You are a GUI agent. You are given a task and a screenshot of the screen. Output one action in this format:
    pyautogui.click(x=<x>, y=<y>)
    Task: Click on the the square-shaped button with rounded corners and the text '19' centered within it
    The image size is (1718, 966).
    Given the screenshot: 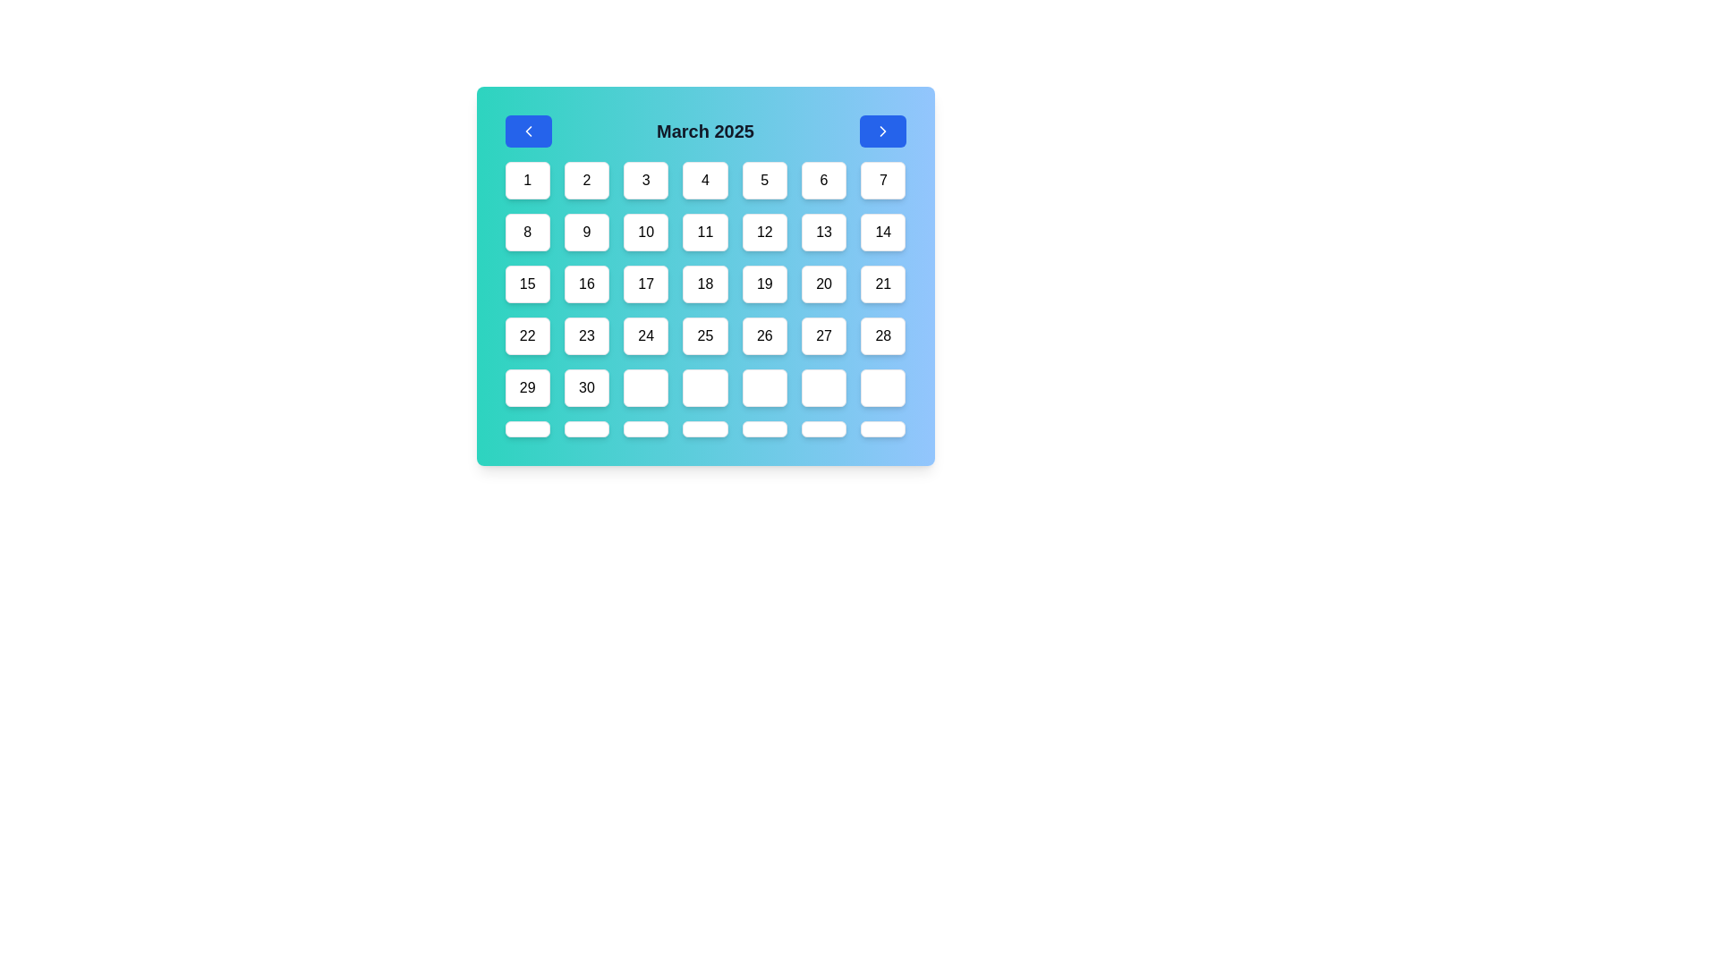 What is the action you would take?
    pyautogui.click(x=764, y=283)
    